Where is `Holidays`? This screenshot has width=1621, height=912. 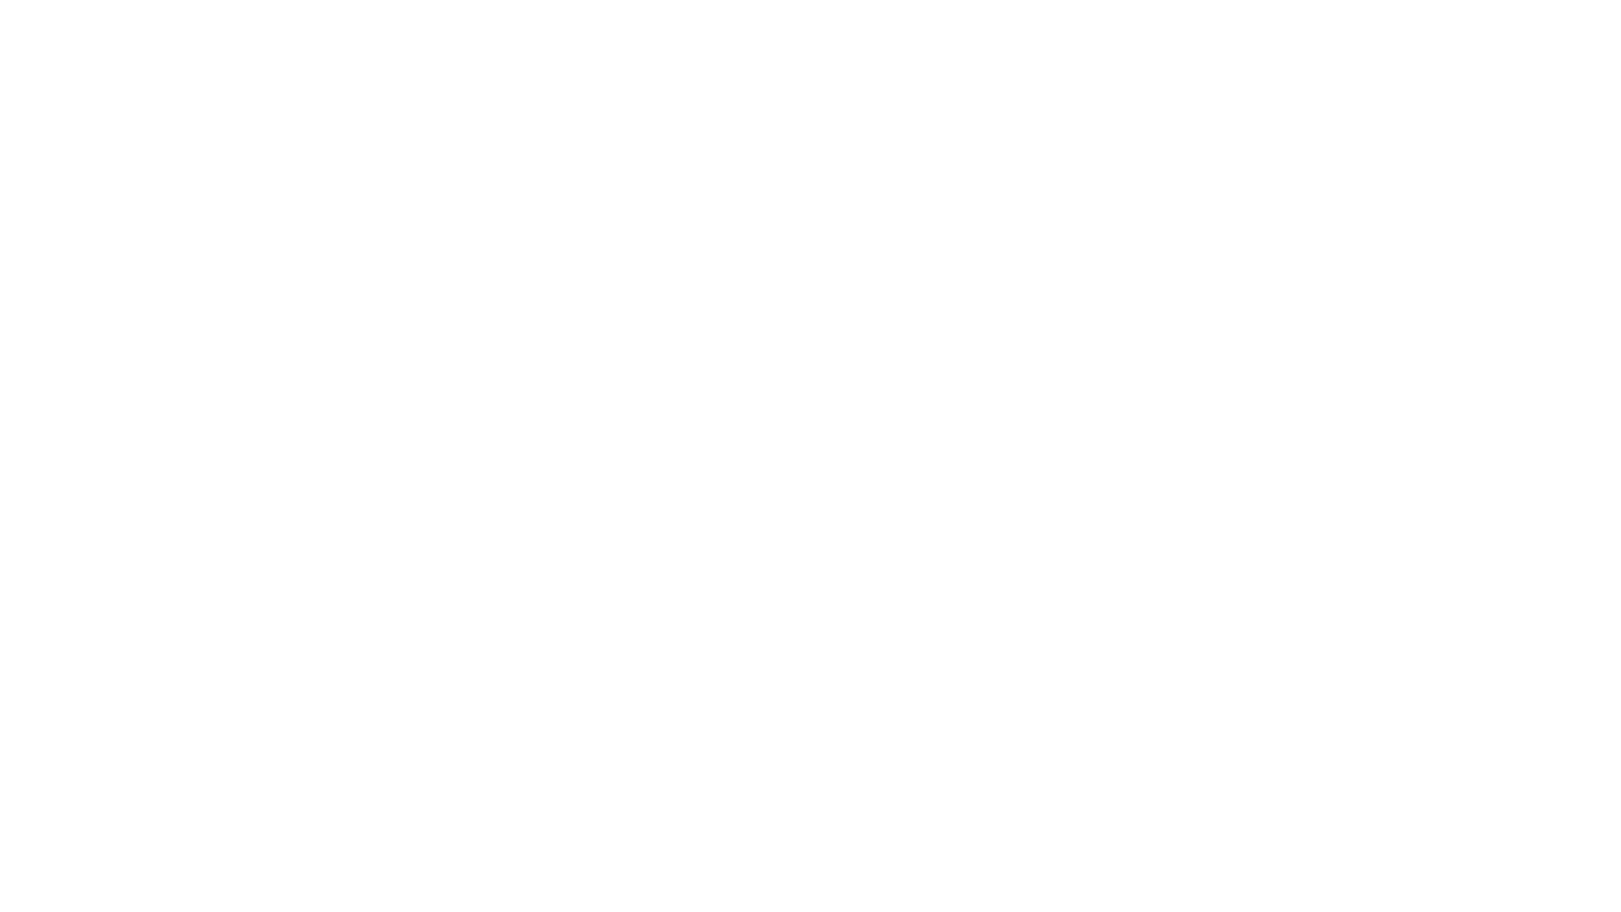
Holidays is located at coordinates (810, 357).